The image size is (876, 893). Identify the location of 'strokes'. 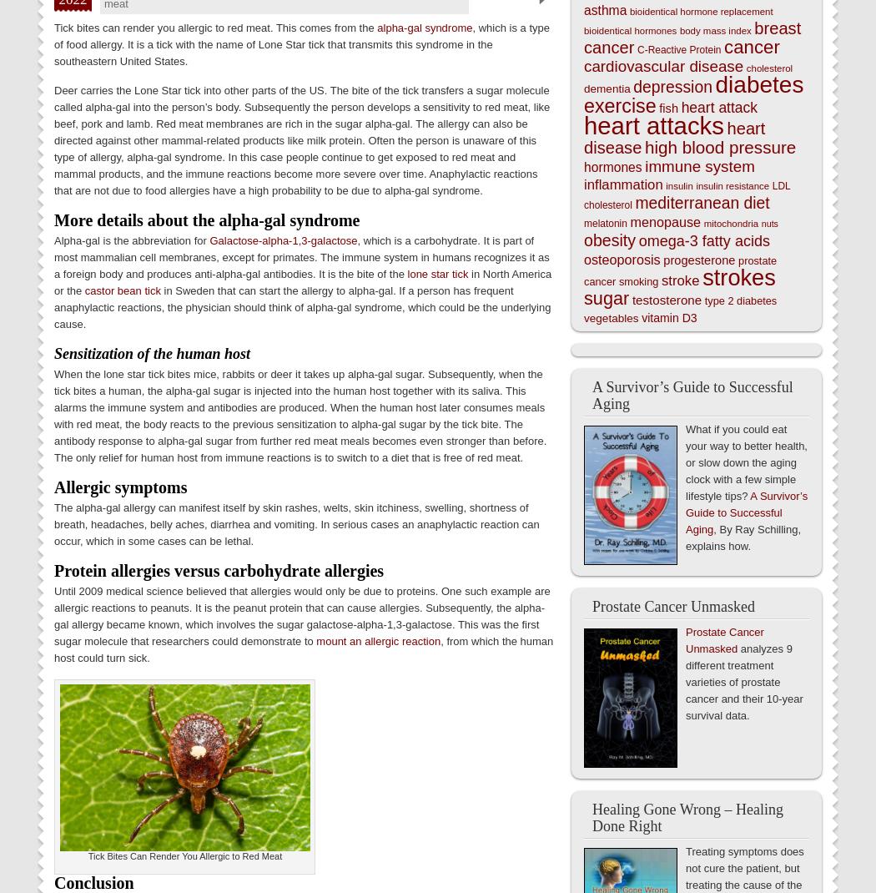
(738, 277).